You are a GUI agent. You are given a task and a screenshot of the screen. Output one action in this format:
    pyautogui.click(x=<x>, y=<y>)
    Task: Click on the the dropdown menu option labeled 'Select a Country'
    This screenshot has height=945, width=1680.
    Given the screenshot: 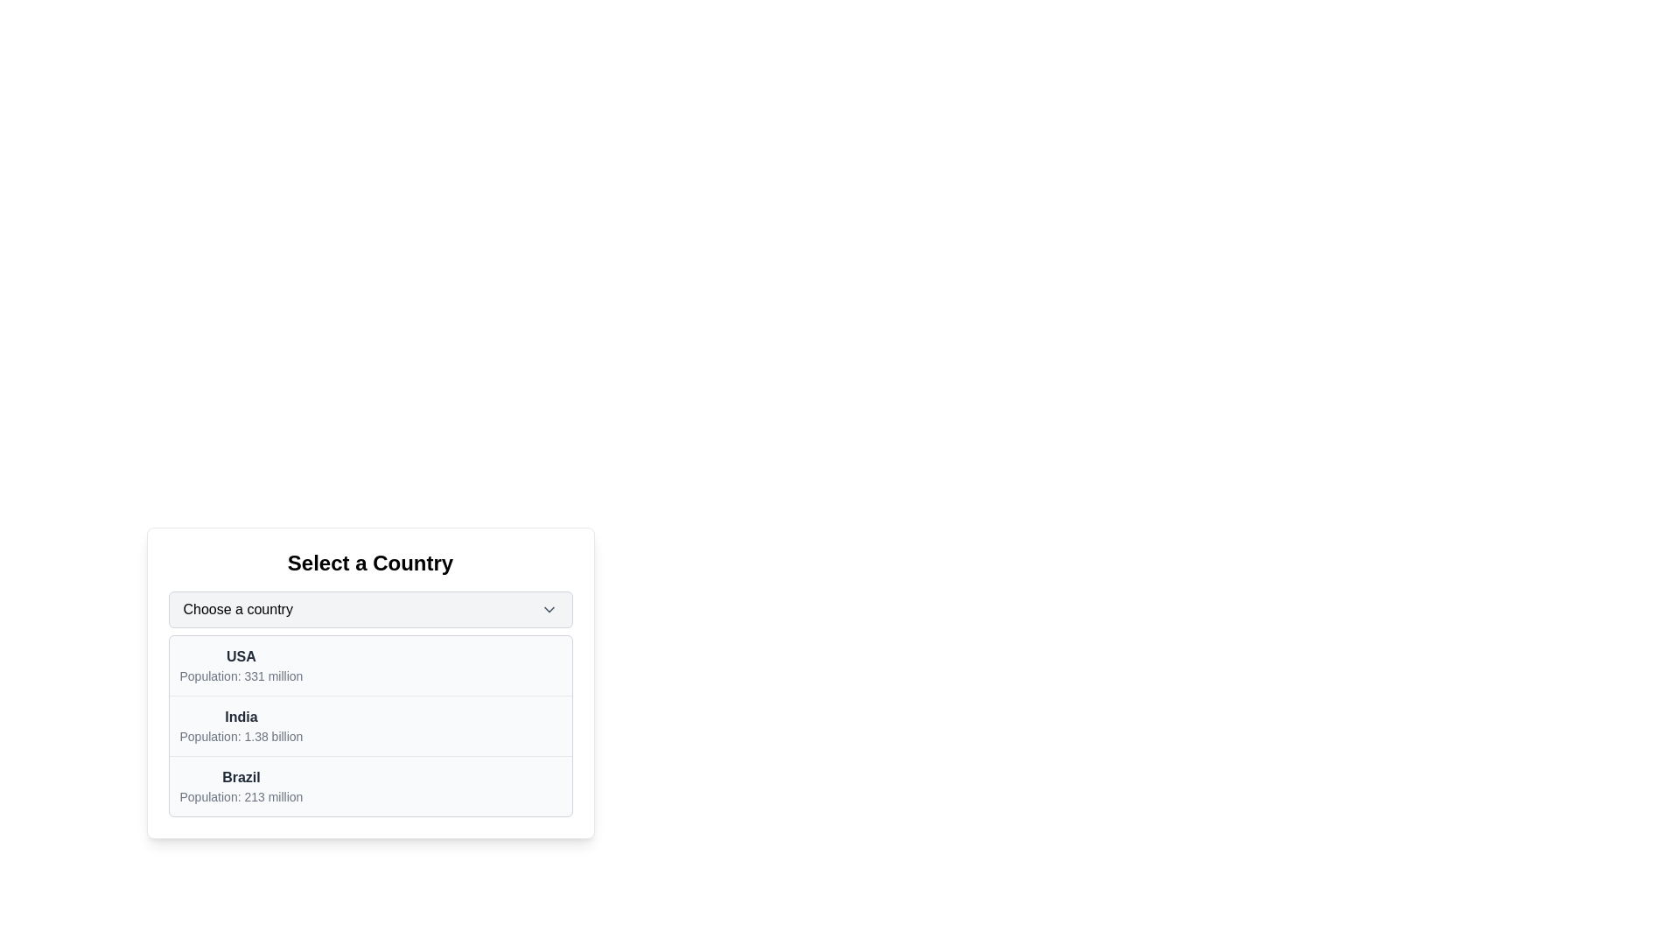 What is the action you would take?
    pyautogui.click(x=369, y=725)
    